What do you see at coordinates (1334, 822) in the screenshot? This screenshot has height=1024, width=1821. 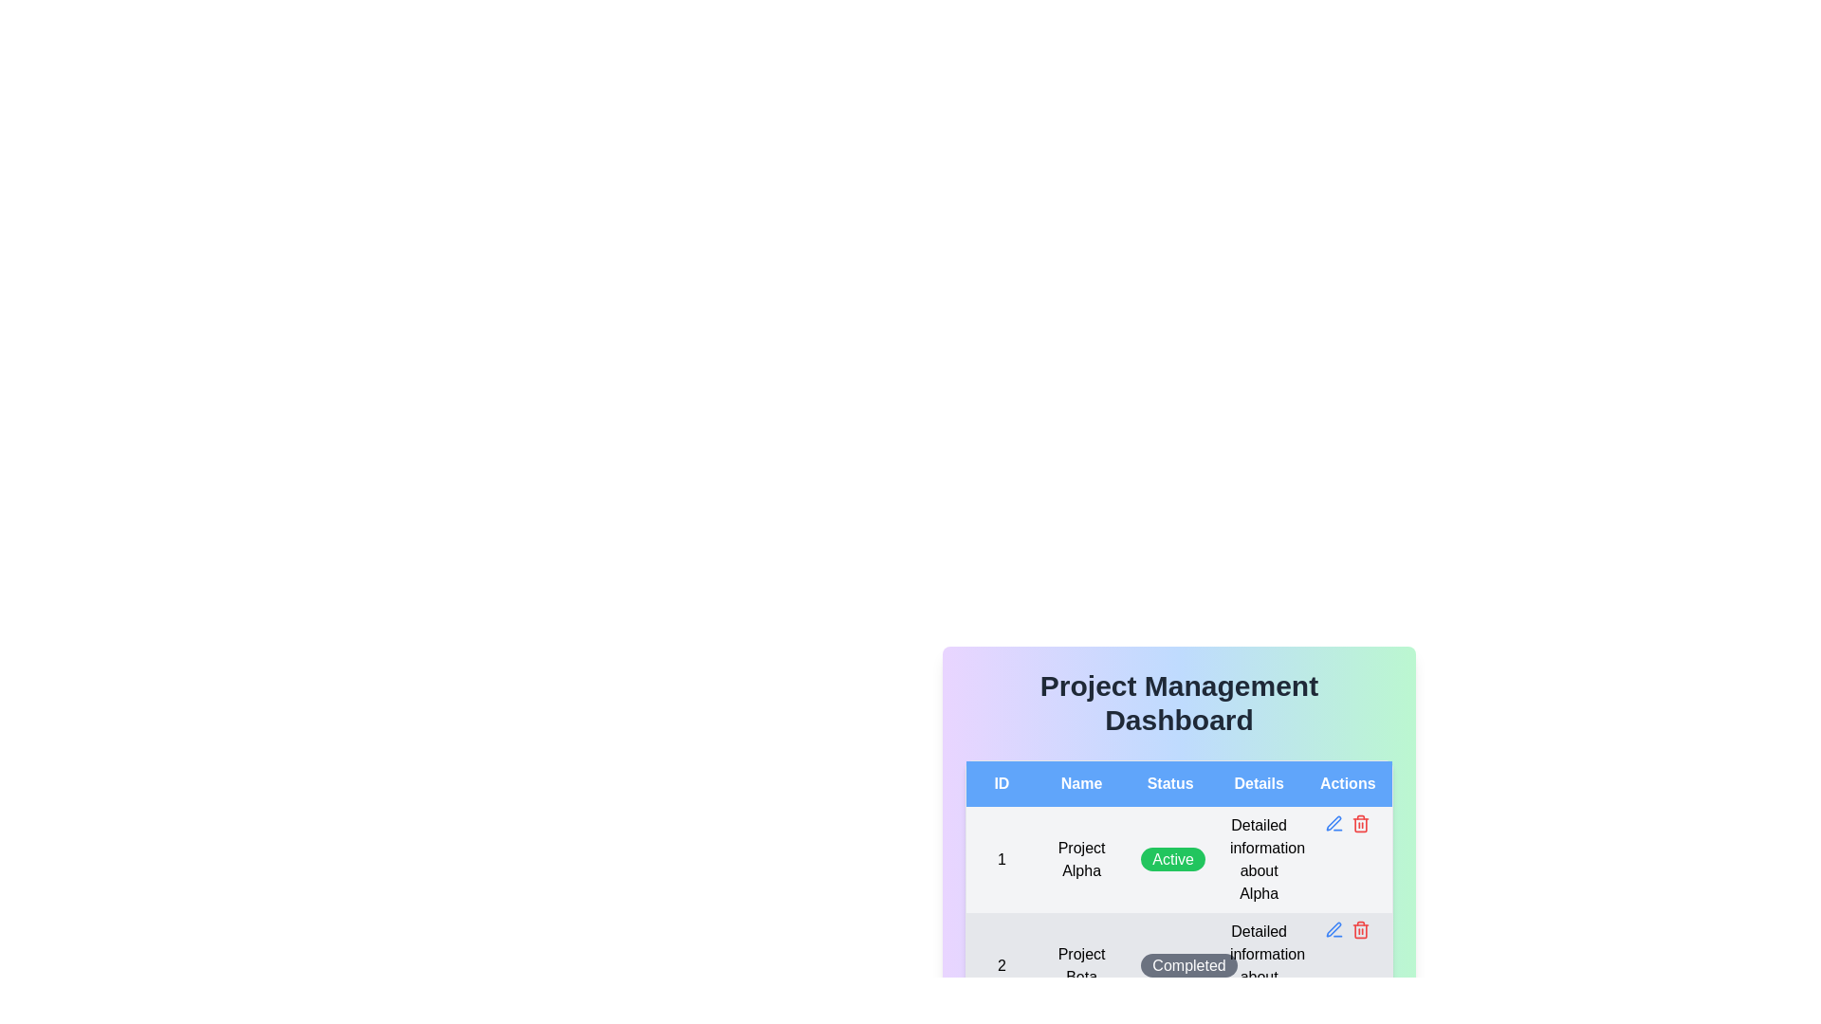 I see `the small blue pen icon button in the 'Actions' column of the first row` at bounding box center [1334, 822].